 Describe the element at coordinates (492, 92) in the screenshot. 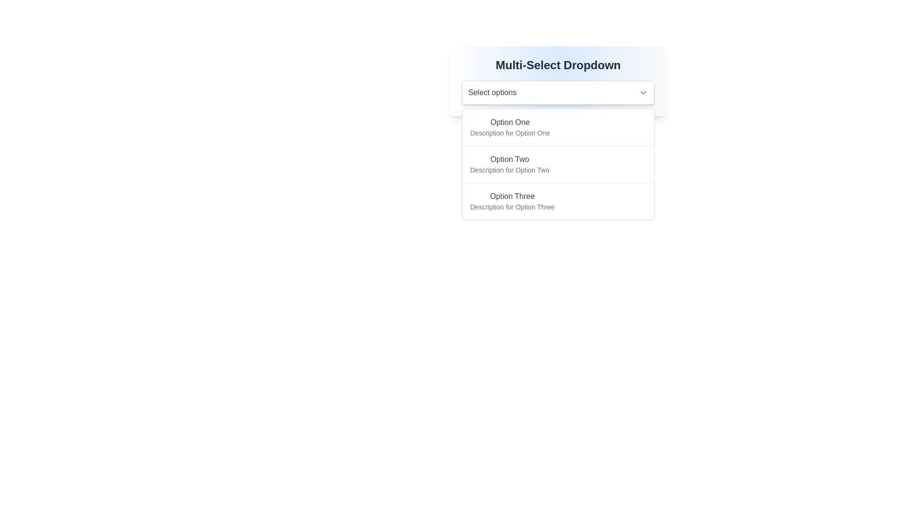

I see `the static text label within the dropdown interface that provides instructions or indicates the current state of the dropdown menu` at that location.